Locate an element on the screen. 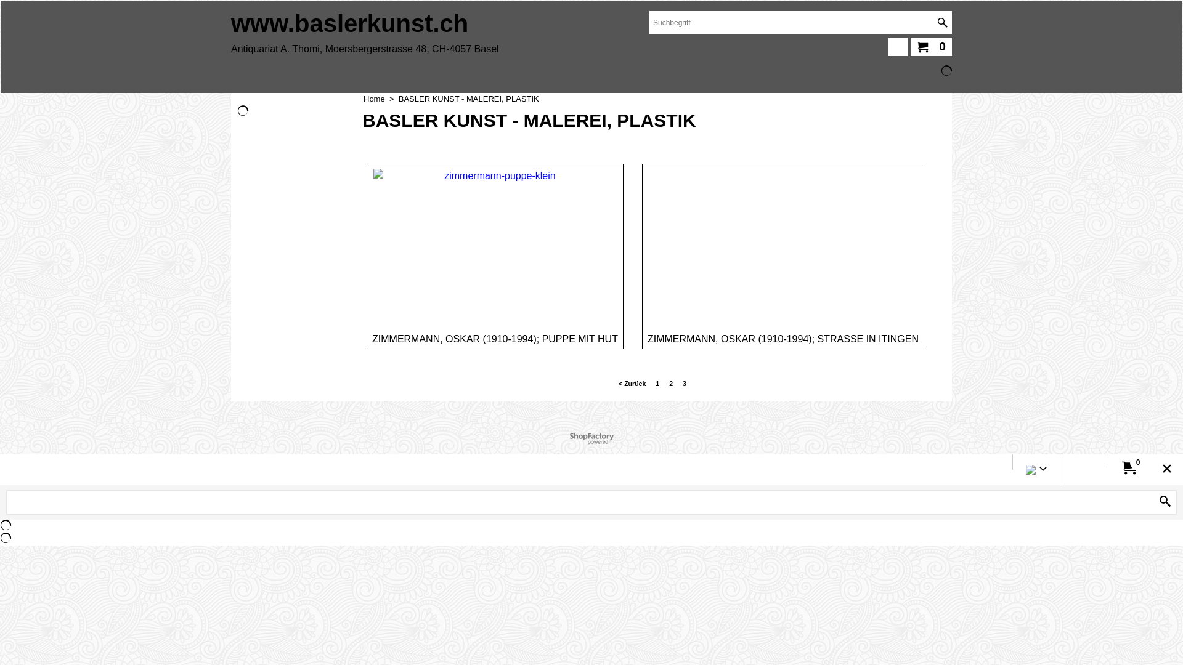 The image size is (1183, 665). 'zimmermann-puppe-klein' is located at coordinates (495, 244).